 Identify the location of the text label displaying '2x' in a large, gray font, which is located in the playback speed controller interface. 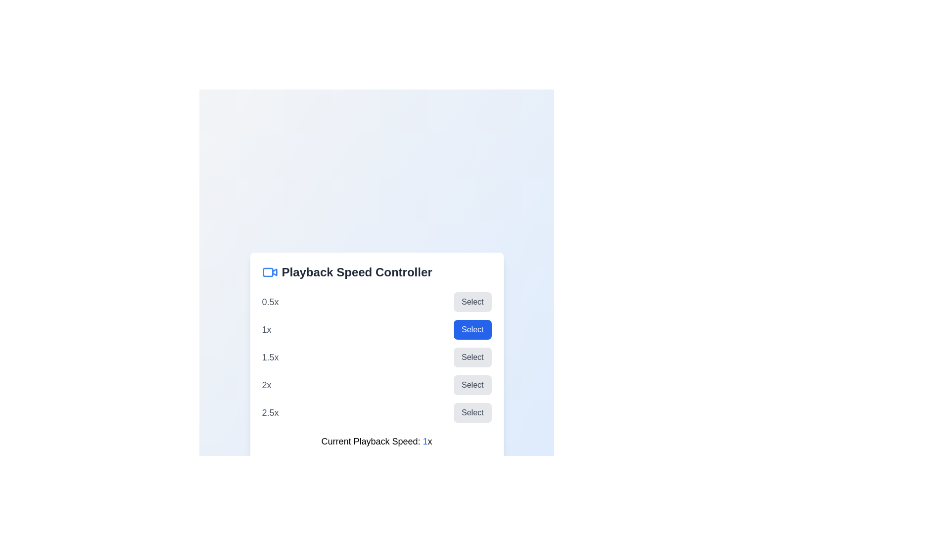
(266, 385).